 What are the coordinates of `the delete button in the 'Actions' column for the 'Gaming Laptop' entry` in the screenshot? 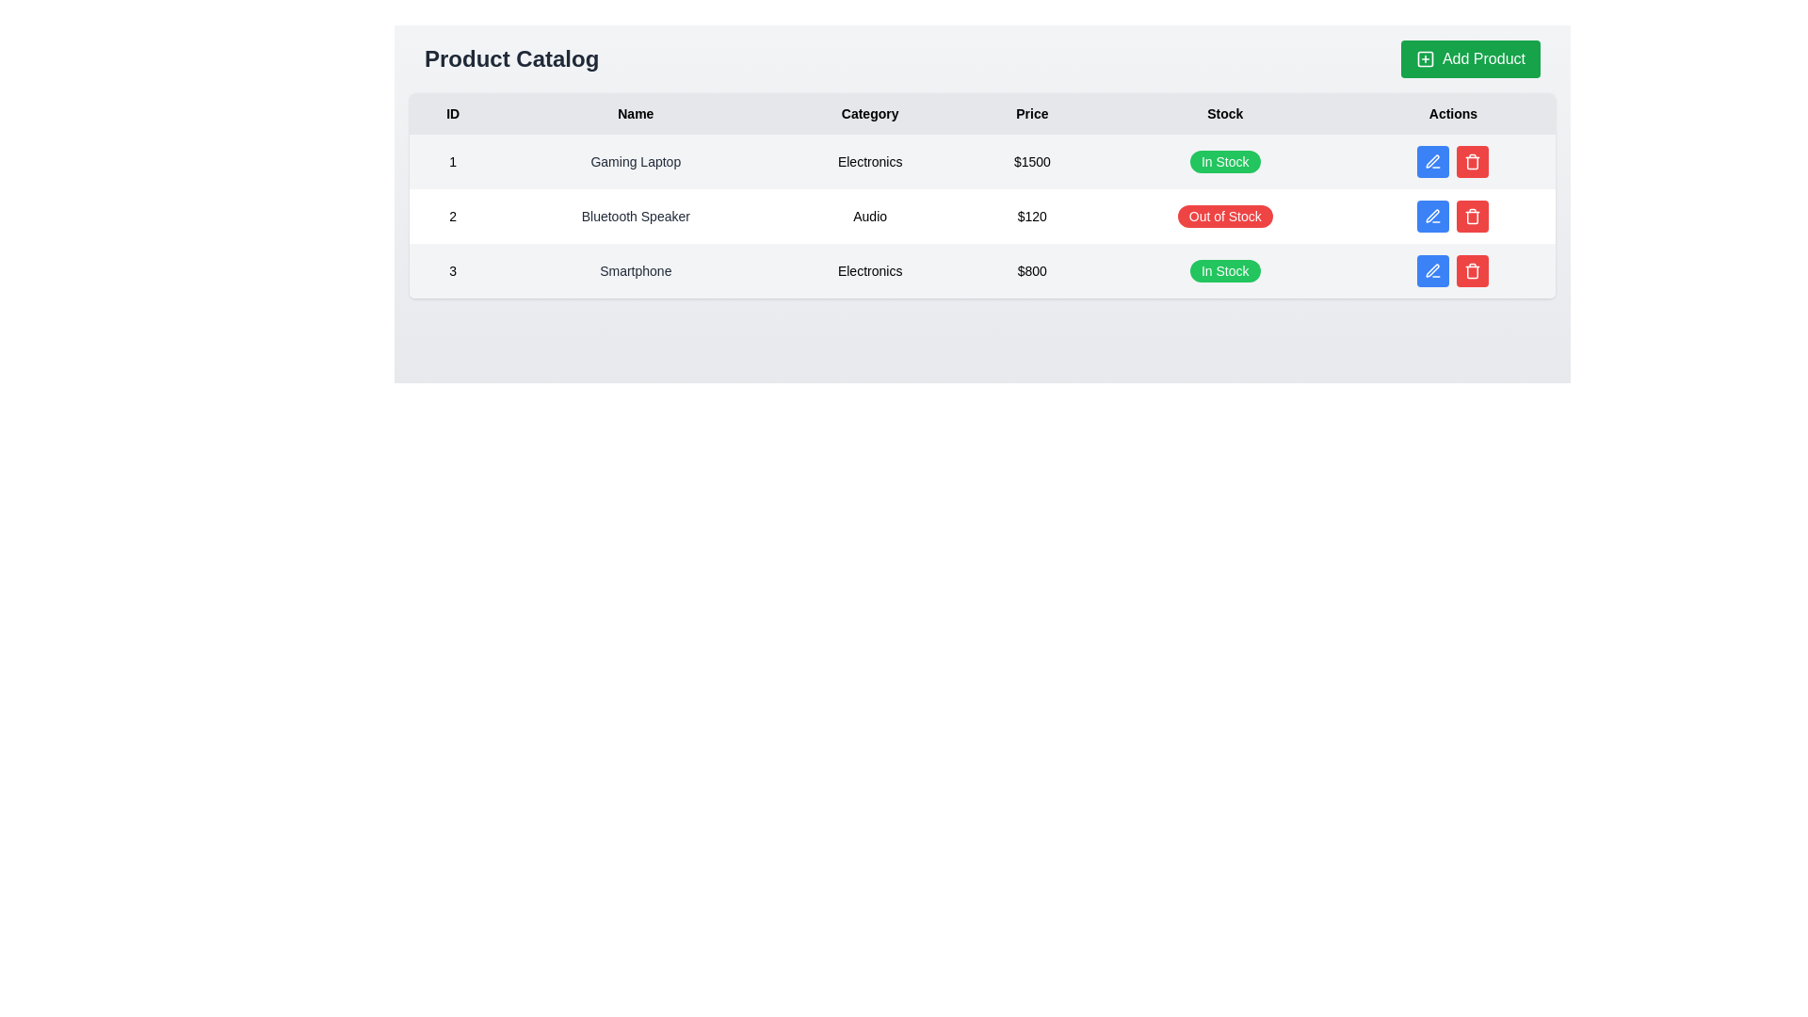 It's located at (1452, 161).